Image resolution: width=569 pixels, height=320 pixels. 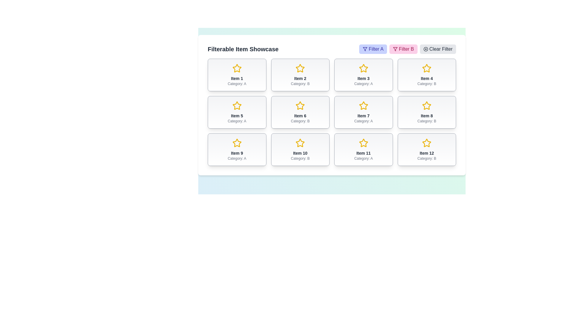 What do you see at coordinates (236, 105) in the screenshot?
I see `the yellow star-shaped icon with an outlined design located at the top center of the card labeled 'Item 5, Category: A' to interact with the associated item` at bounding box center [236, 105].